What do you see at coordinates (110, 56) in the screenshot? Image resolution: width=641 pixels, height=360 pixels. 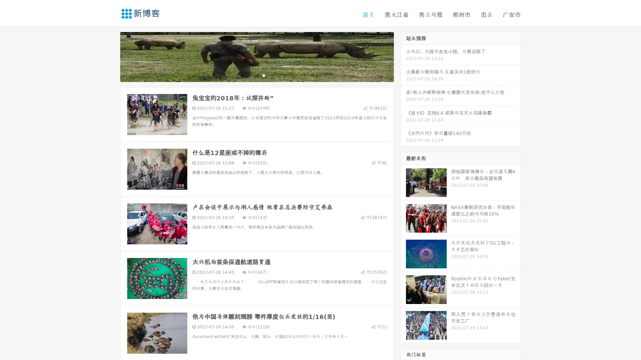 I see `Previous slide` at bounding box center [110, 56].